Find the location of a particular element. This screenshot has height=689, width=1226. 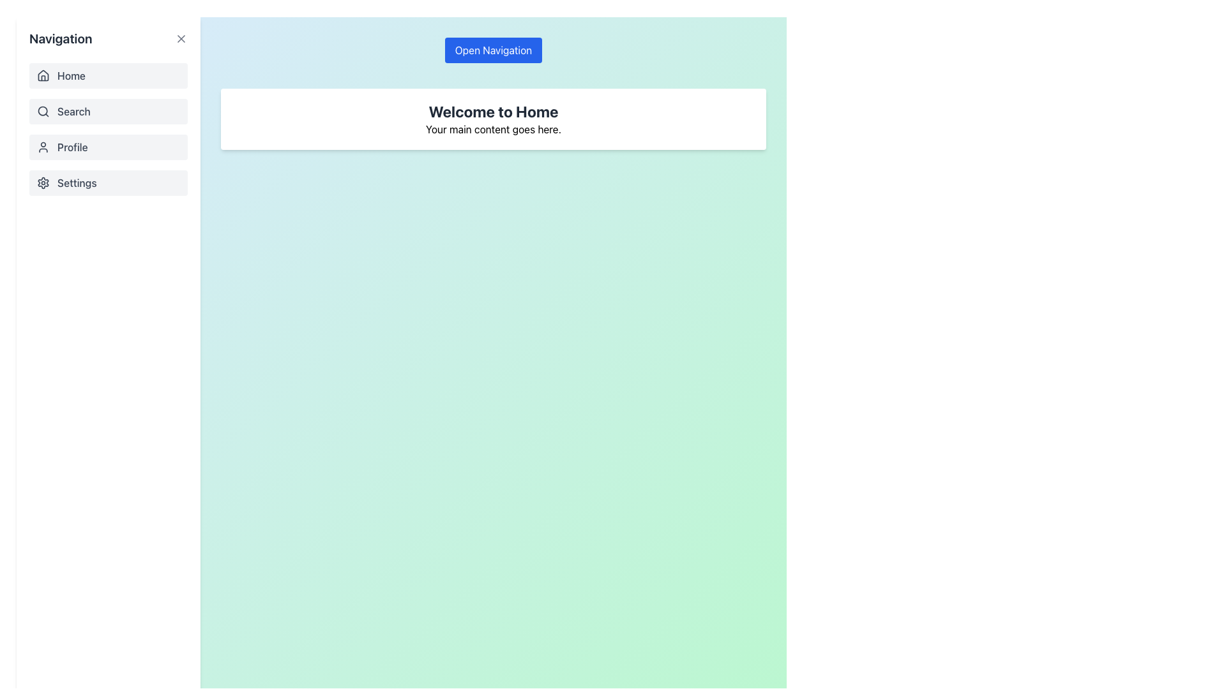

the text displaying 'Your main content goes here.' located below the heading 'Welcome to Home' in a prominent white card is located at coordinates (492, 130).